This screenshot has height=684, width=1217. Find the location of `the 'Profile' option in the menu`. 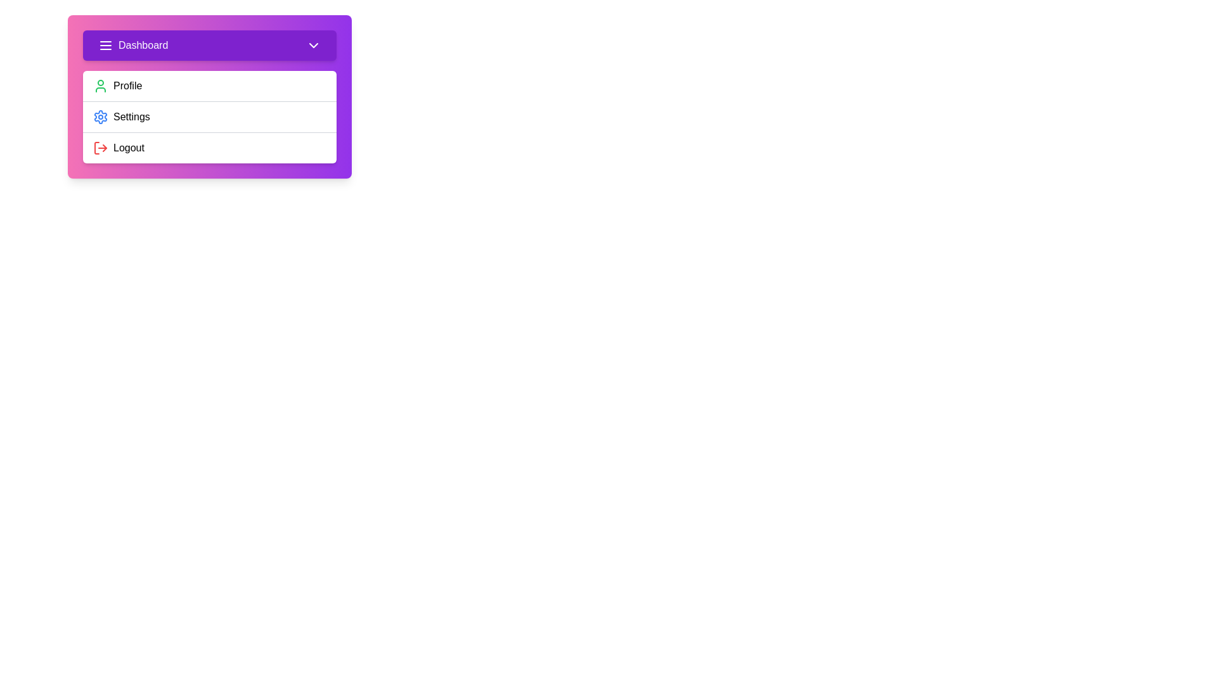

the 'Profile' option in the menu is located at coordinates (210, 85).